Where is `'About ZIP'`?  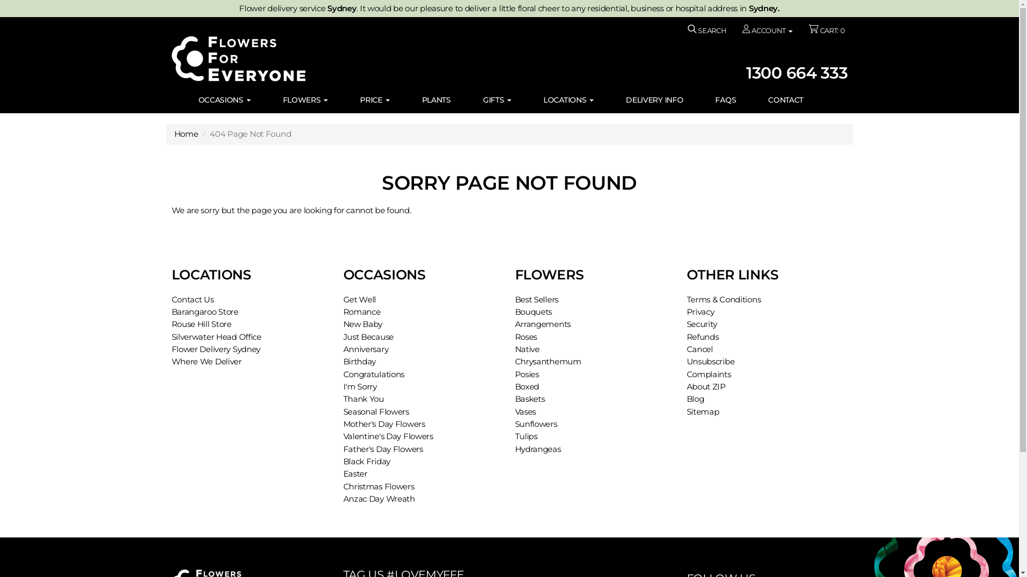 'About ZIP' is located at coordinates (706, 387).